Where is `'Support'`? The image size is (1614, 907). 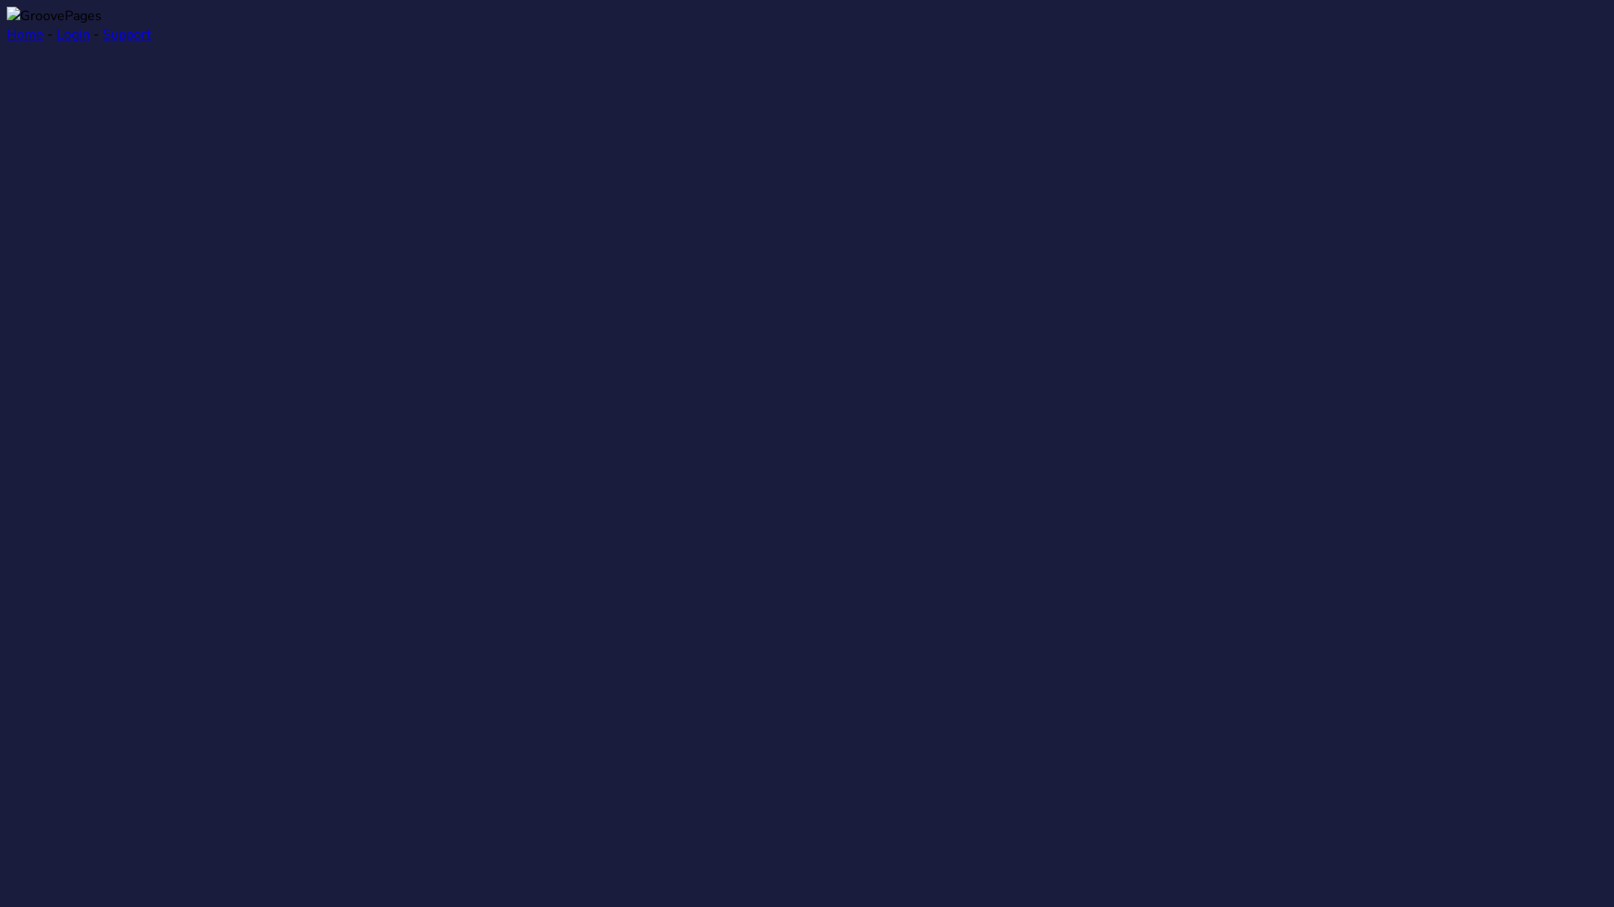 'Support' is located at coordinates (125, 34).